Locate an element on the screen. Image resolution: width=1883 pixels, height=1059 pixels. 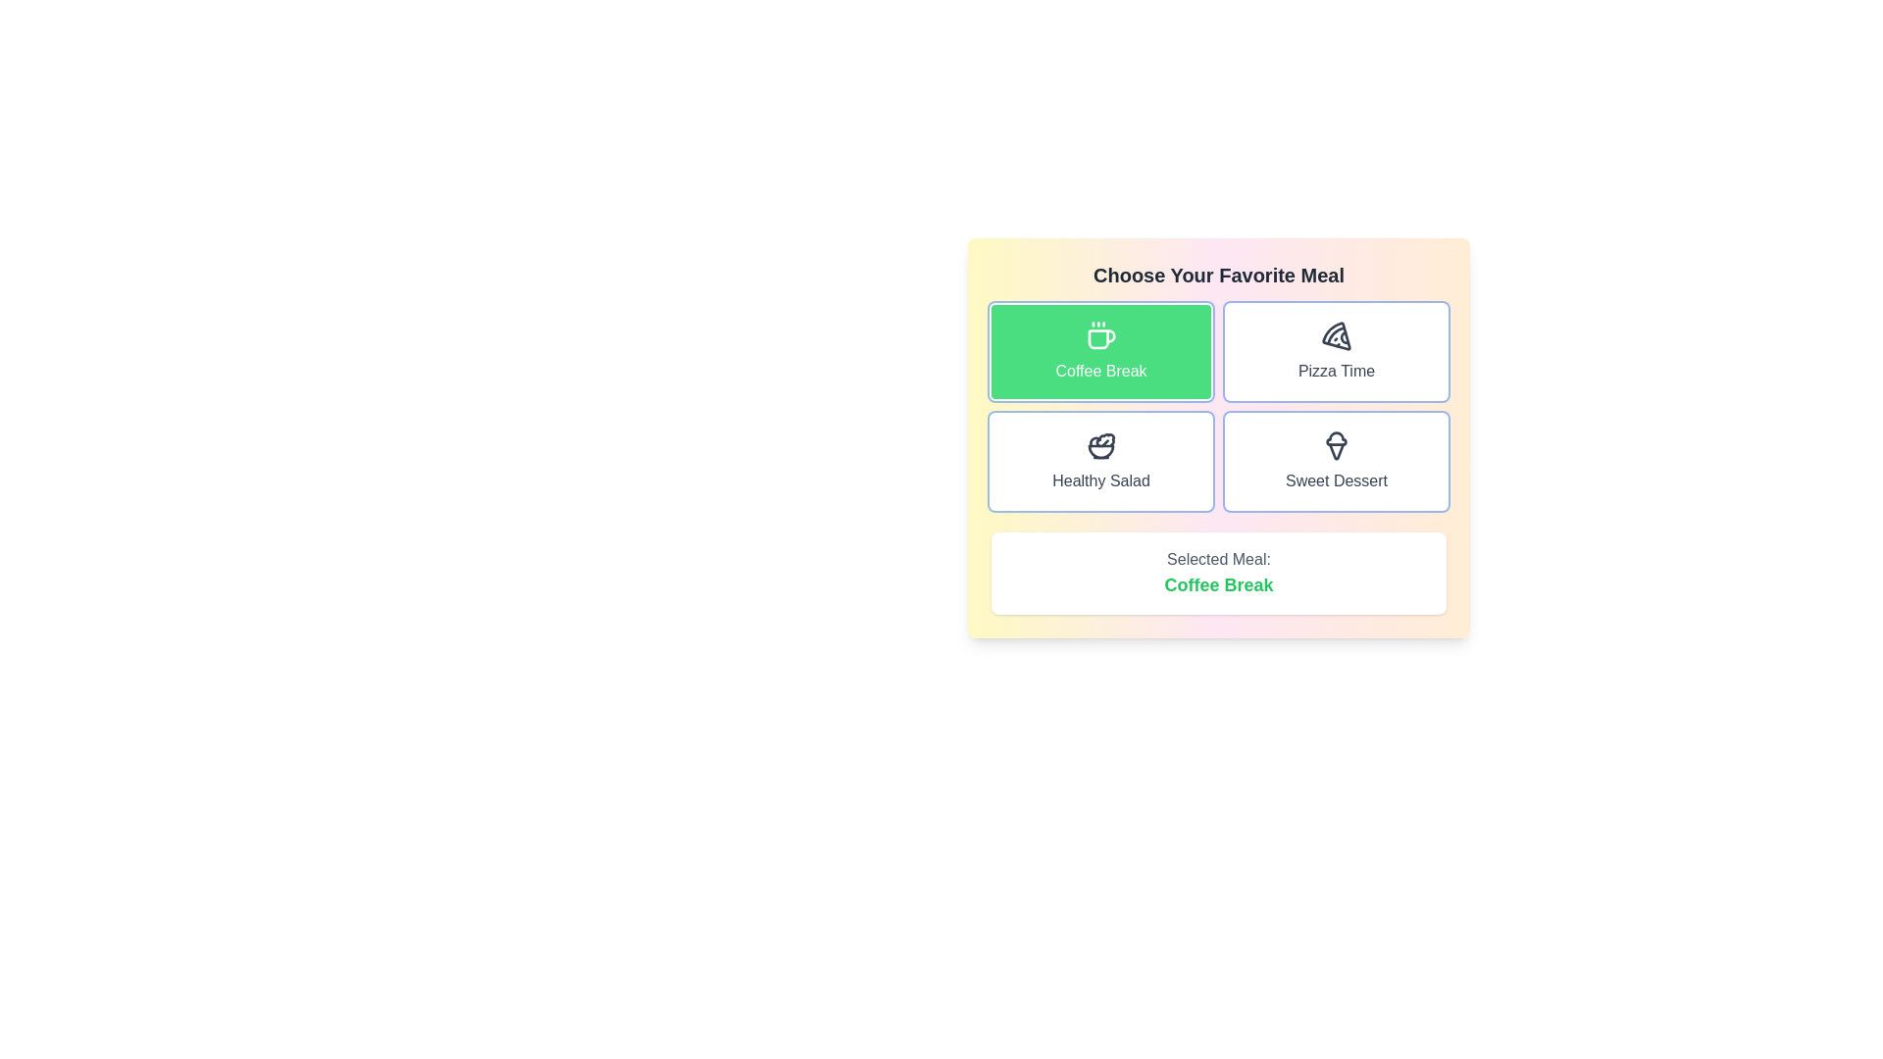
the button corresponding to the meal Pizza Time to select it is located at coordinates (1336, 350).